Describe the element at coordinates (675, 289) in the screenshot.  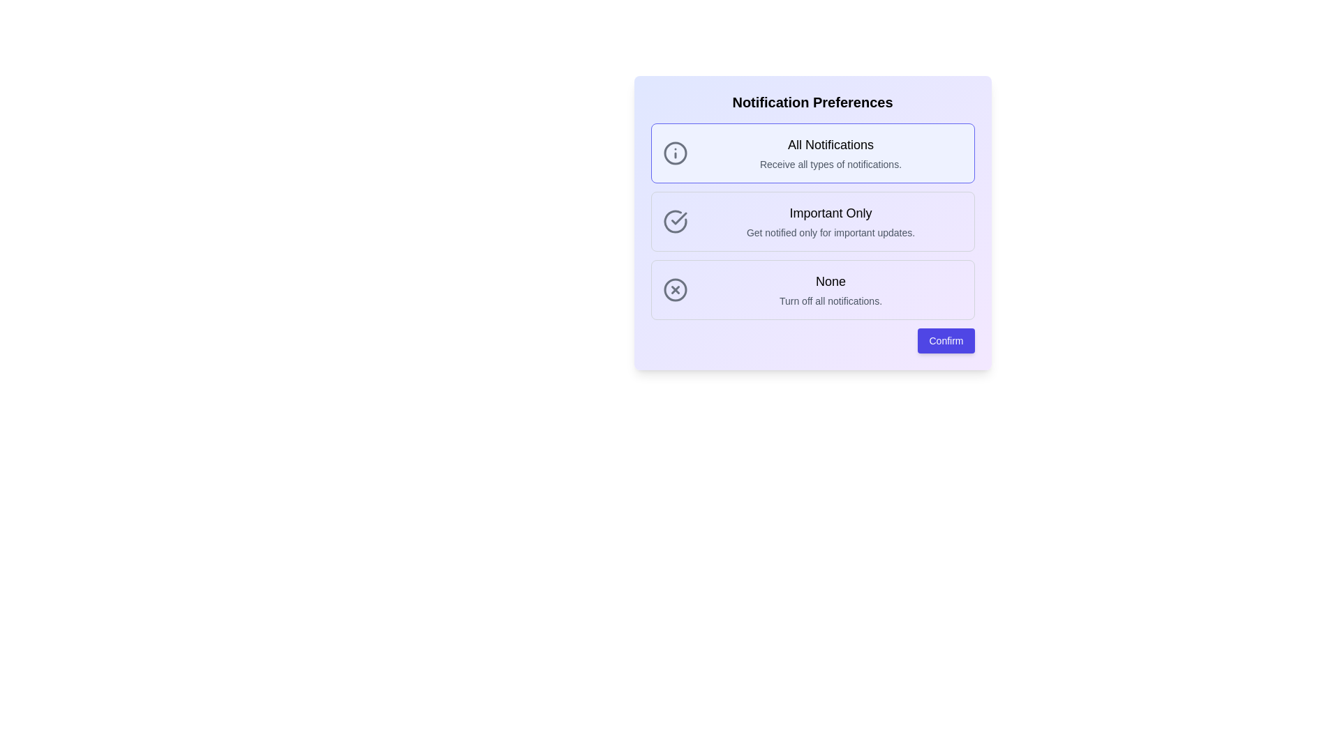
I see `the graphical icon that represents the 'None' option for disabling notifications, located in the third row of notification preferences, immediately left of the label 'None'` at that location.